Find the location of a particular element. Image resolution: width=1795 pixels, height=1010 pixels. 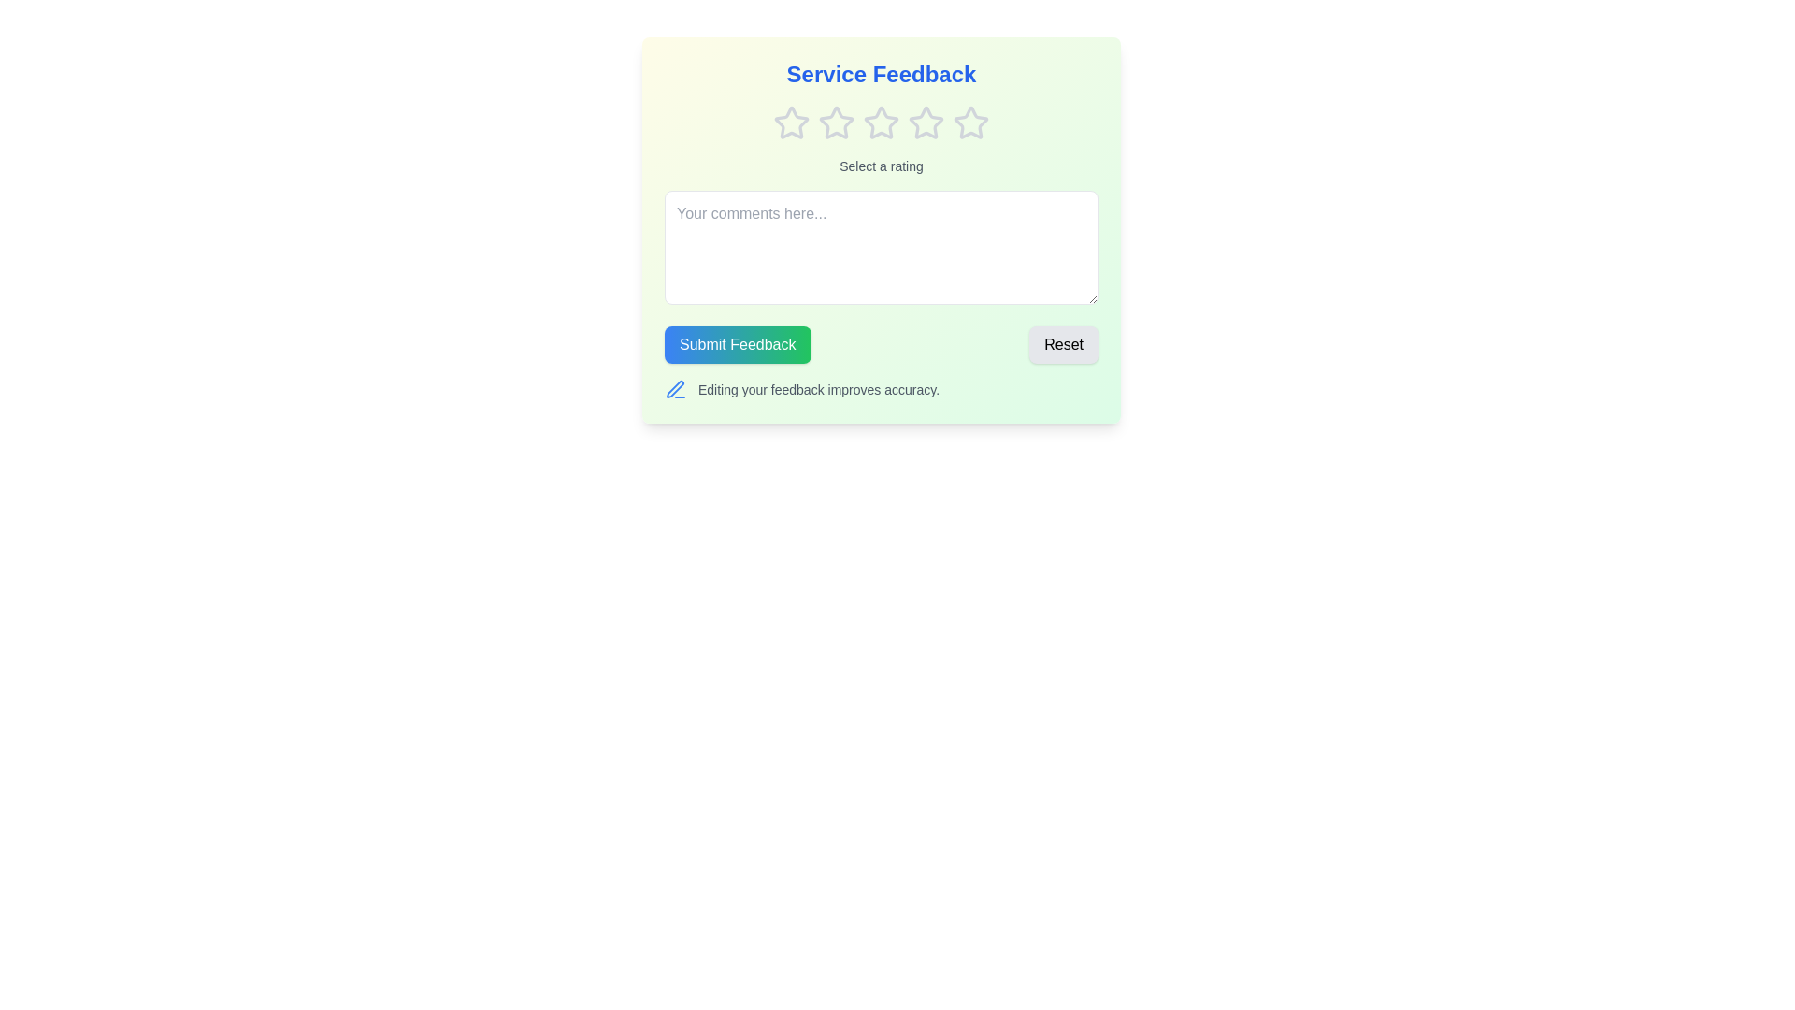

the 'Submit Feedback' button, which is a rectangular button with a gradient background from blue to green, featuring bold white text and rounded corners, located in the bottom-left section of the card interface is located at coordinates (737, 345).